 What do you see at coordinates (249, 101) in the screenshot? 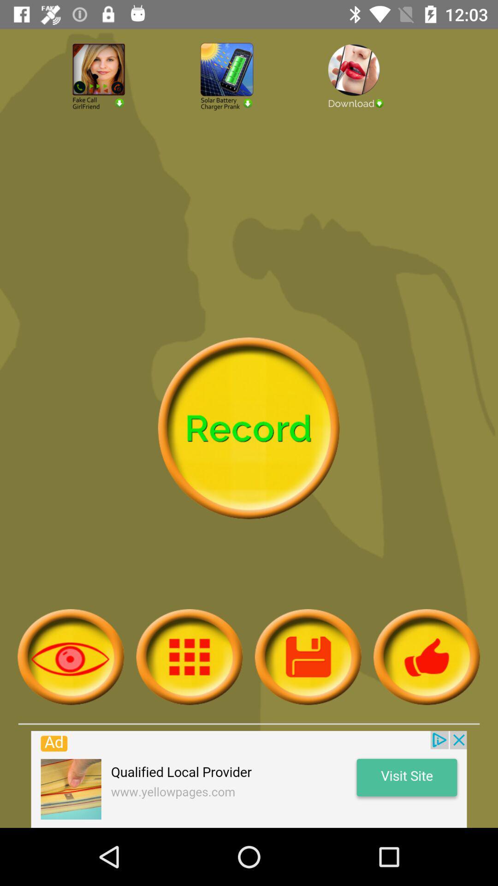
I see `solar battery prank button` at bounding box center [249, 101].